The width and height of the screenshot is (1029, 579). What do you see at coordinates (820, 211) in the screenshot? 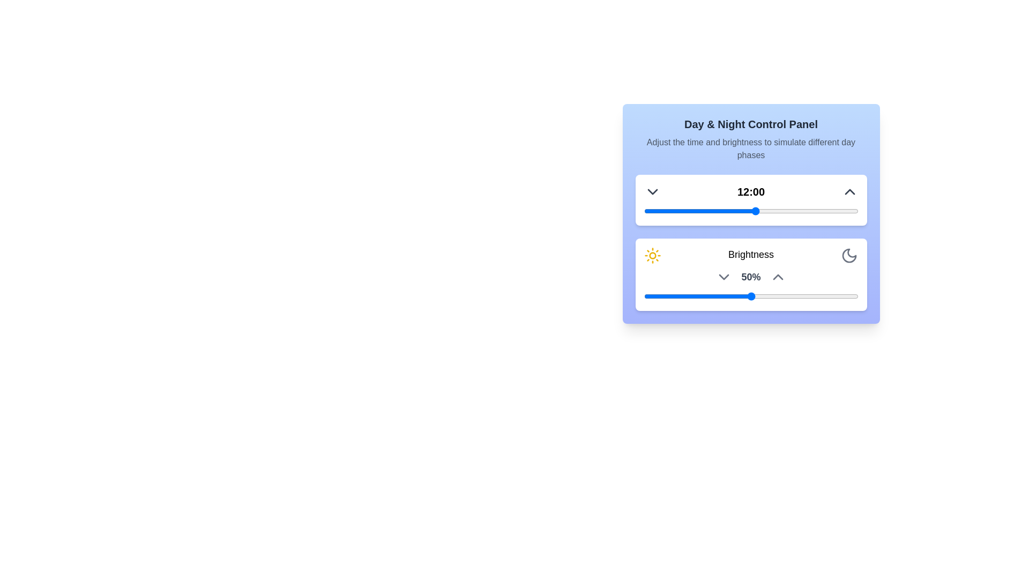
I see `the time` at bounding box center [820, 211].